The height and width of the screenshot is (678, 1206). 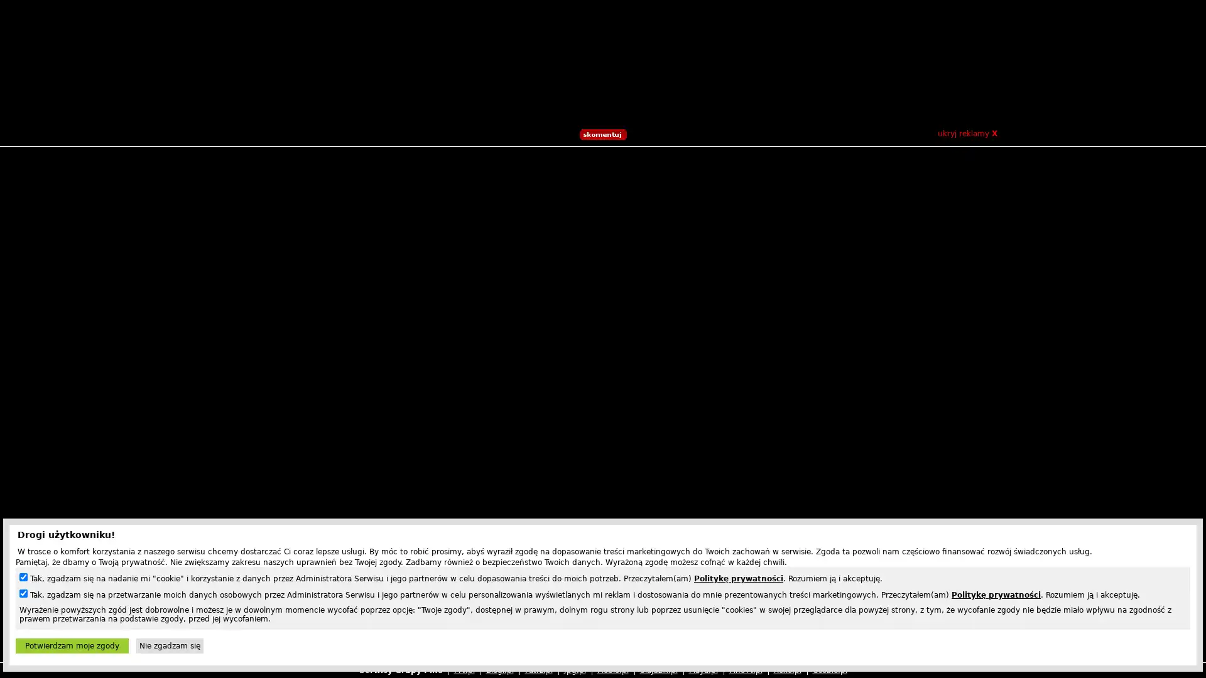 I want to click on Nie zgadzam sie, so click(x=169, y=646).